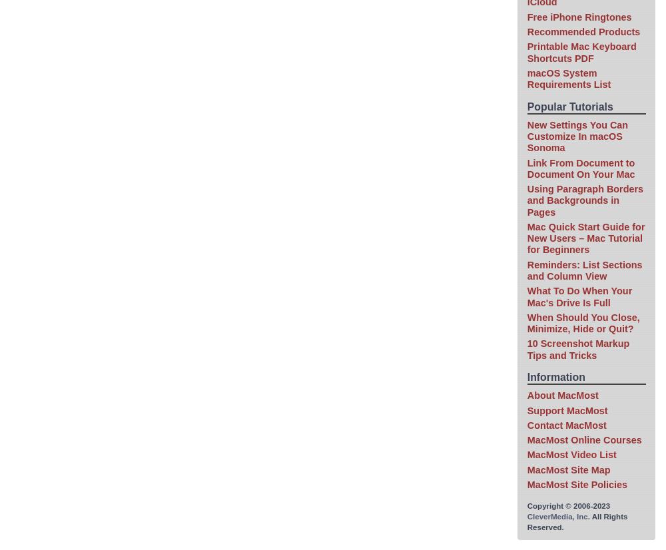 The image size is (666, 550). Describe the element at coordinates (576, 521) in the screenshot. I see `'All Rights Reserved.'` at that location.